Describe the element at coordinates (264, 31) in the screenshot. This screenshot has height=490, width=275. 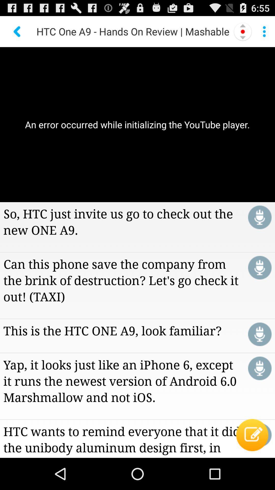
I see `the three dot menu option` at that location.